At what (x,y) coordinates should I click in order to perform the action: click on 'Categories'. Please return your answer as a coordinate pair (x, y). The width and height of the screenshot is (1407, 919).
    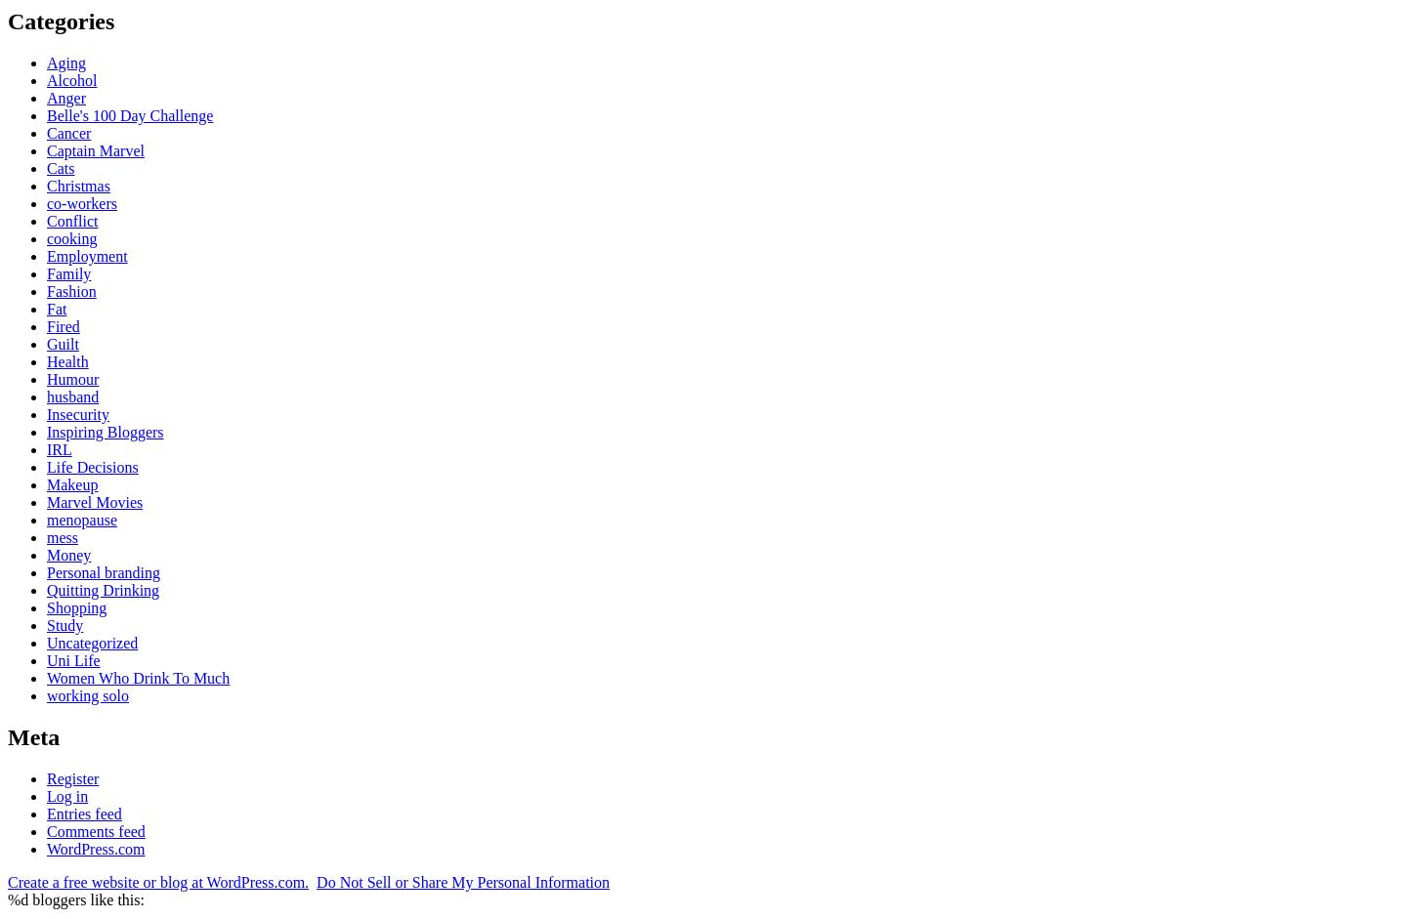
    Looking at the image, I should click on (61, 20).